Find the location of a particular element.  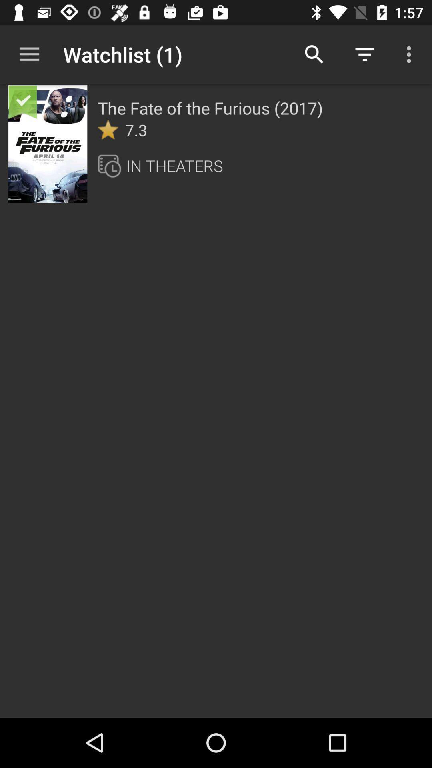

item to the left of the fate of icon is located at coordinates (48, 144).